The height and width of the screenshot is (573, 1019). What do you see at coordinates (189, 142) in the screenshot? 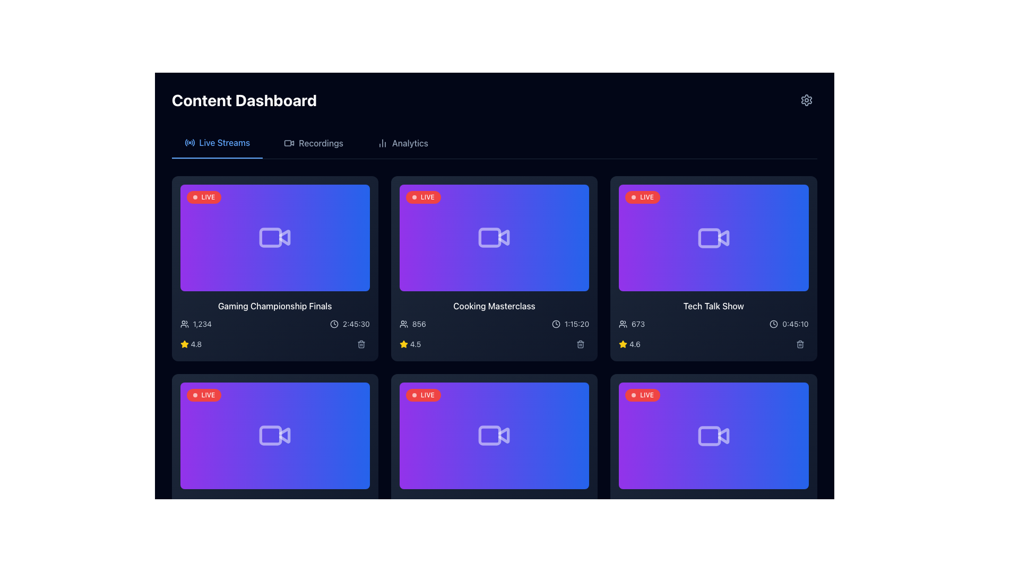
I see `the appearance of the radio wave icon located at the beginning of the horizontal navigation bar, to the left of the 'Live Streams' text for section identification` at bounding box center [189, 142].